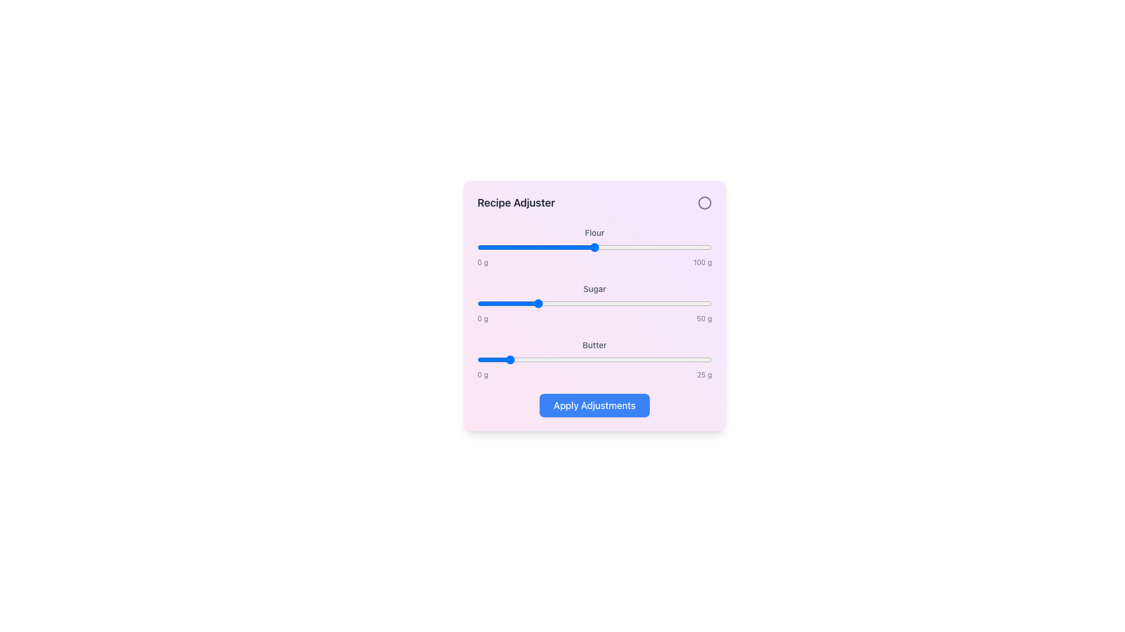  I want to click on the slider value, so click(496, 247).